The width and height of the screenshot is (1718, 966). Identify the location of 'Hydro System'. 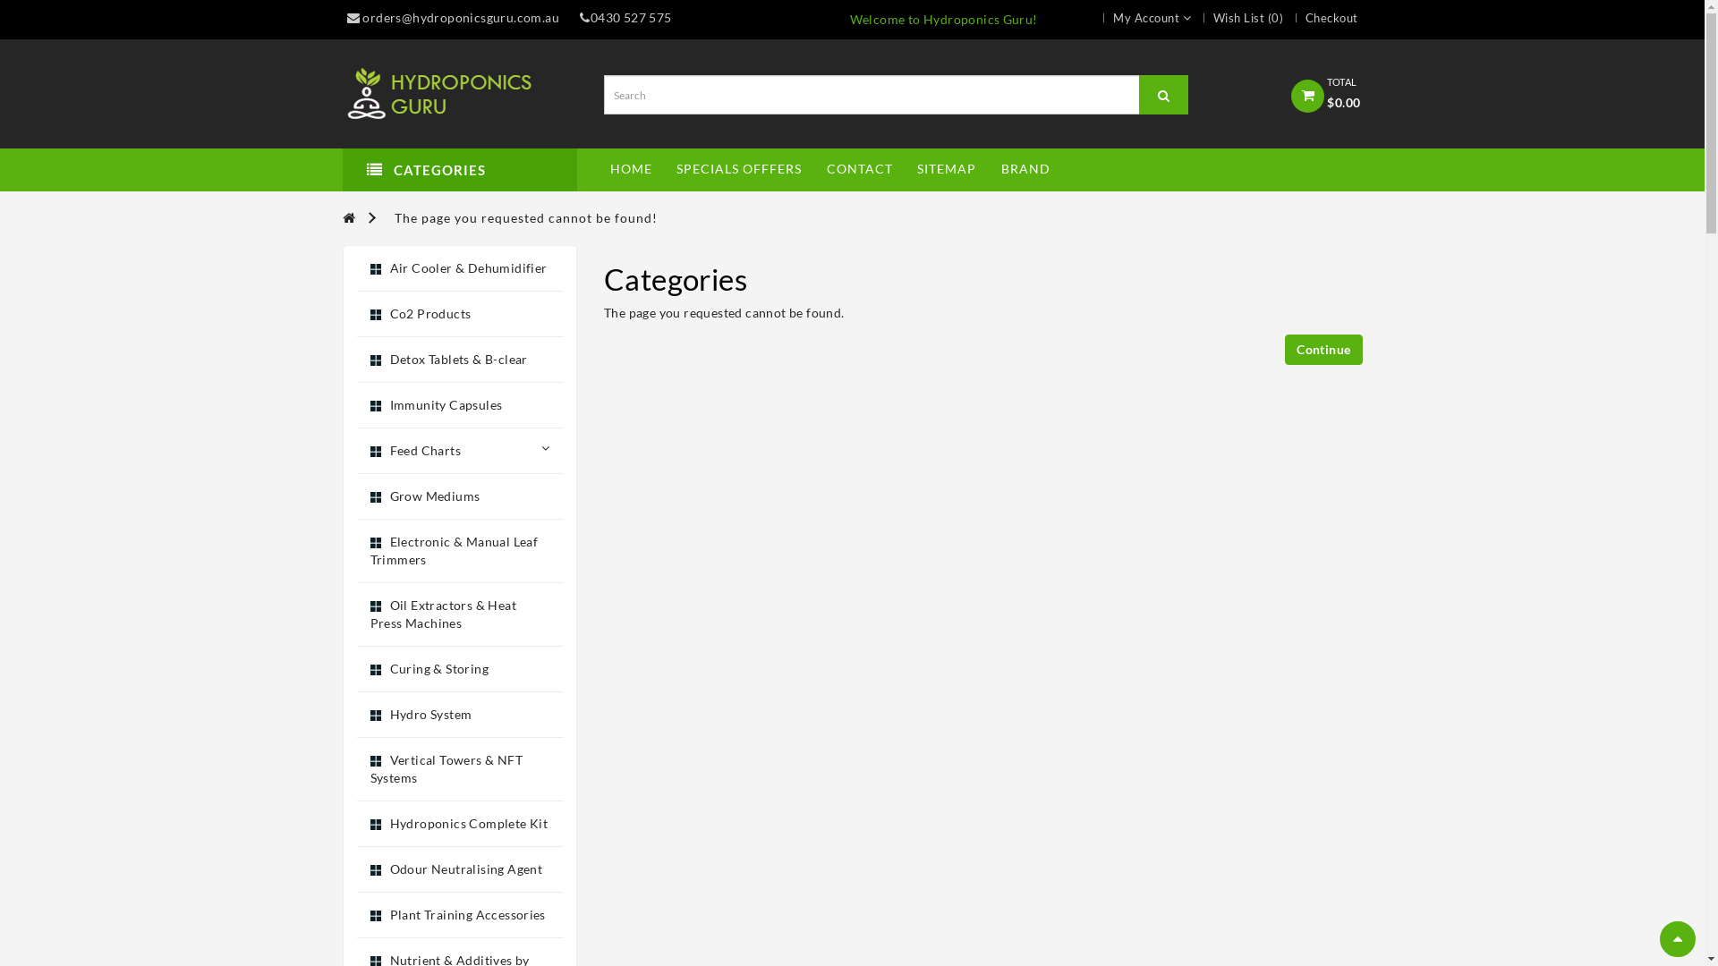
(459, 714).